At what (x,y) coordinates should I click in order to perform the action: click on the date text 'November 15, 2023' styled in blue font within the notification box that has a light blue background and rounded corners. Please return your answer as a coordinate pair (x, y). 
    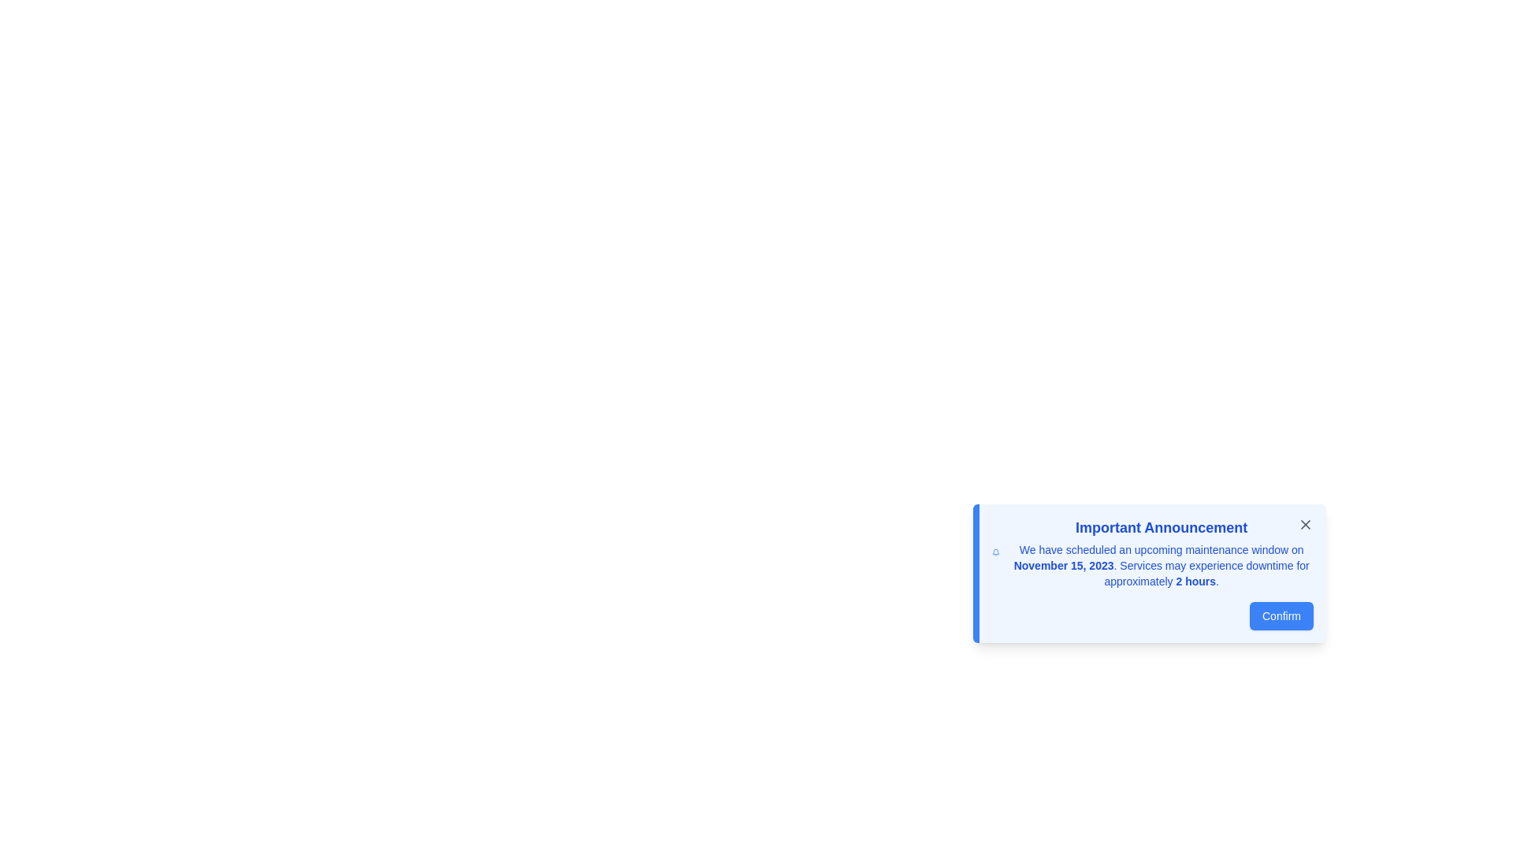
    Looking at the image, I should click on (1064, 564).